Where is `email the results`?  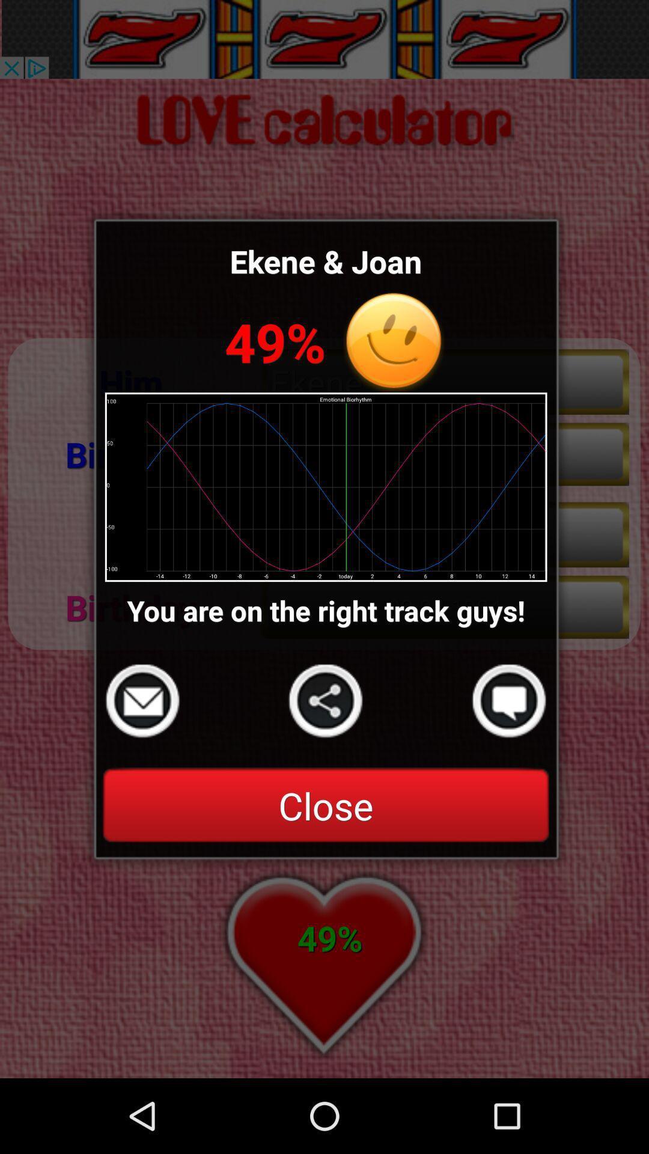 email the results is located at coordinates (142, 701).